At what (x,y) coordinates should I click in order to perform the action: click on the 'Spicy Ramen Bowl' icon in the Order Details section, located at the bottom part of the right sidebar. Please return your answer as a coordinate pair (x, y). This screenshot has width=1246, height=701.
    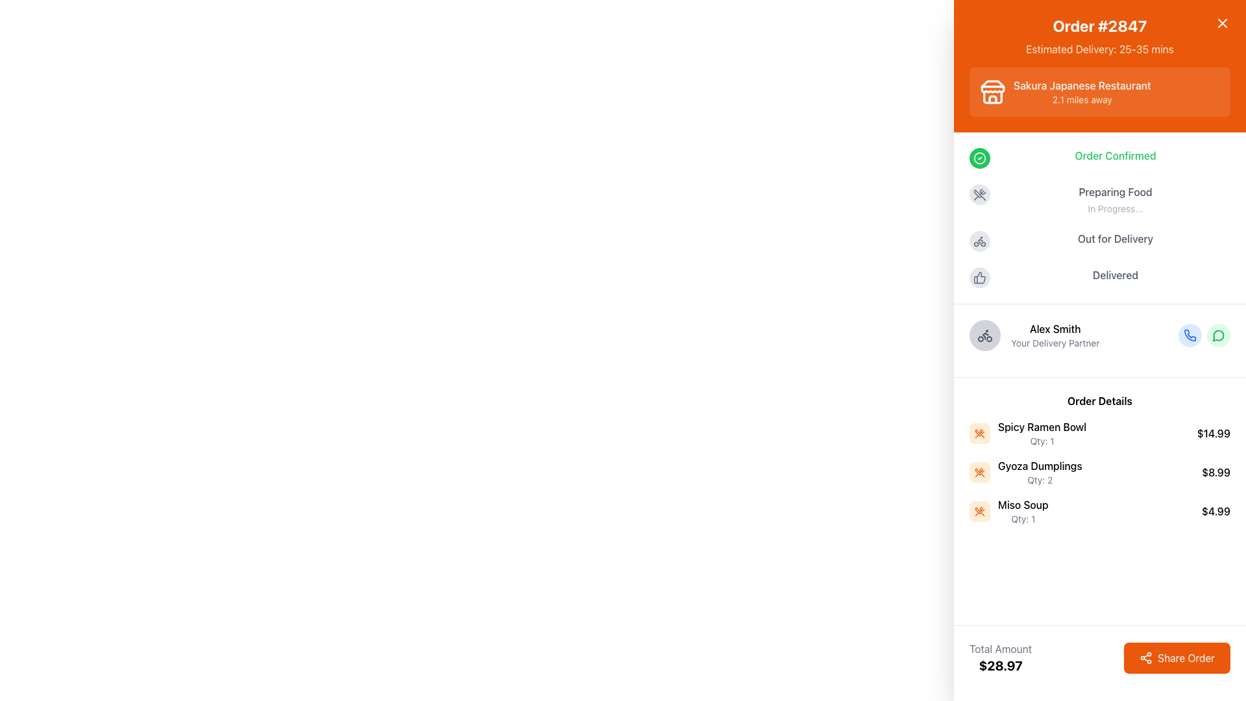
    Looking at the image, I should click on (980, 433).